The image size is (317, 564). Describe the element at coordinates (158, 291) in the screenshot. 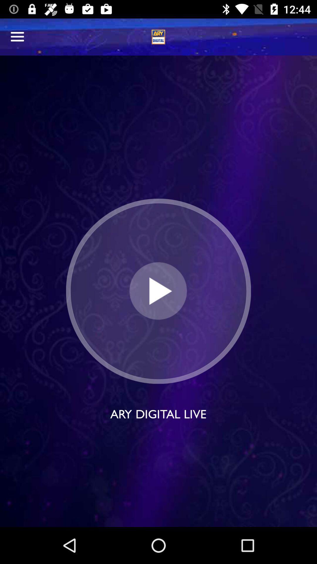

I see `the play icon` at that location.